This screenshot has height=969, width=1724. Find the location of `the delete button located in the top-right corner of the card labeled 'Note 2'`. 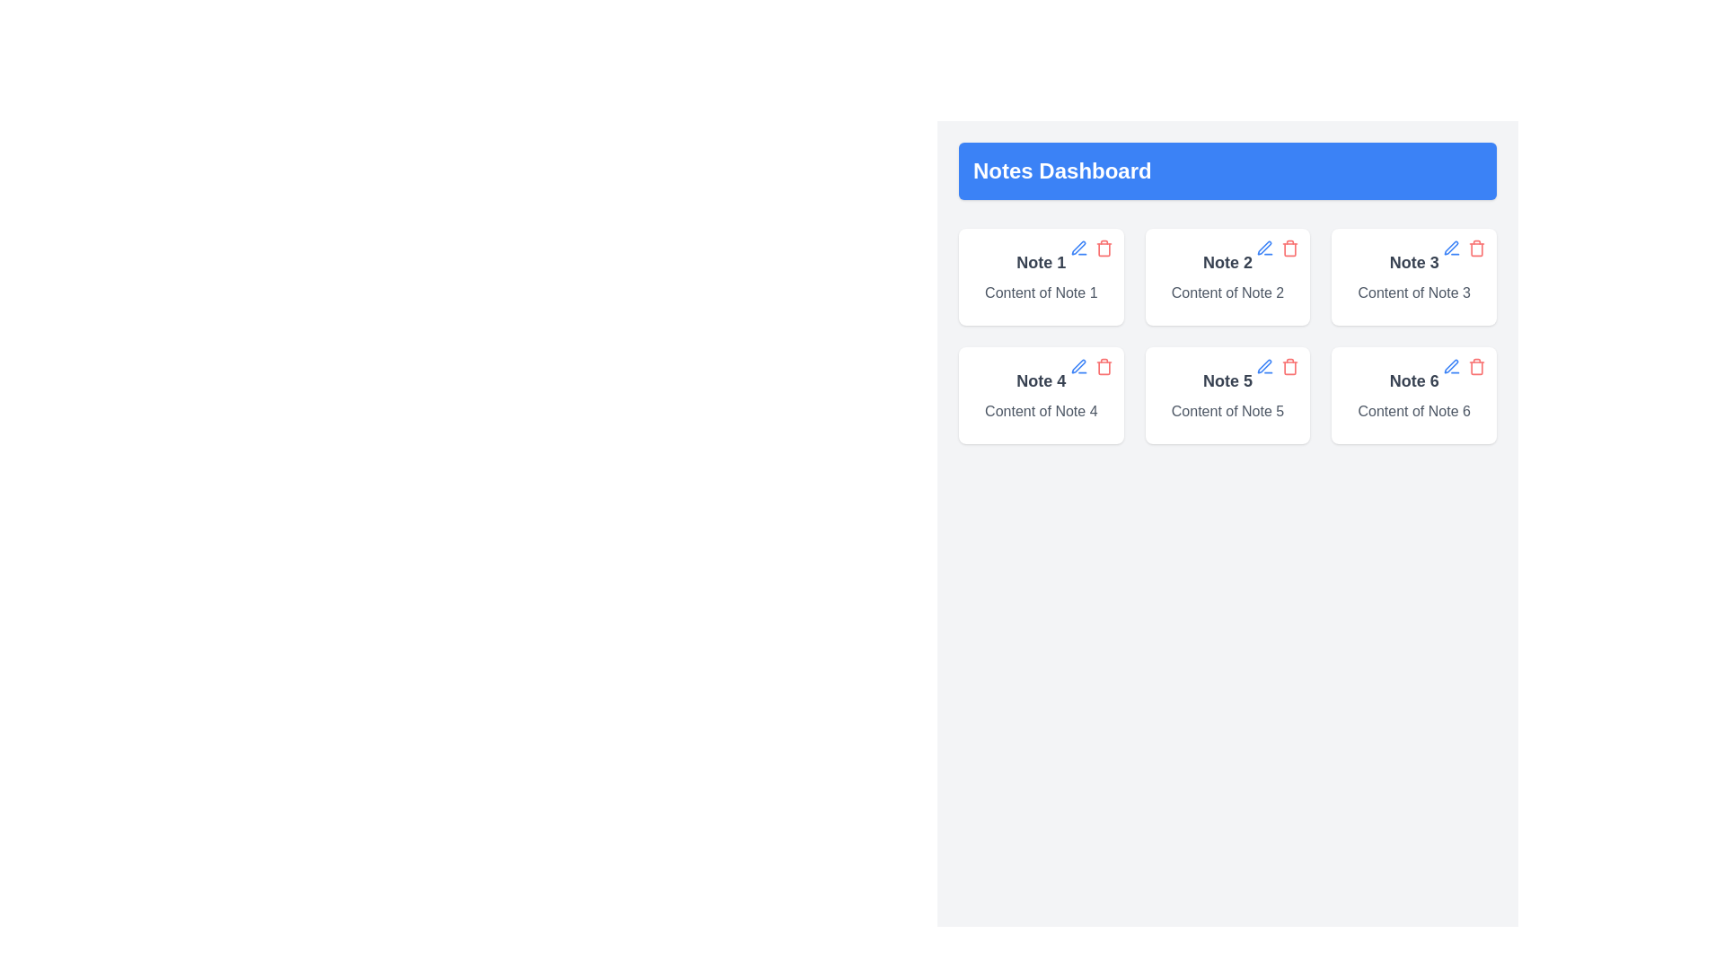

the delete button located in the top-right corner of the card labeled 'Note 2' is located at coordinates (1289, 249).